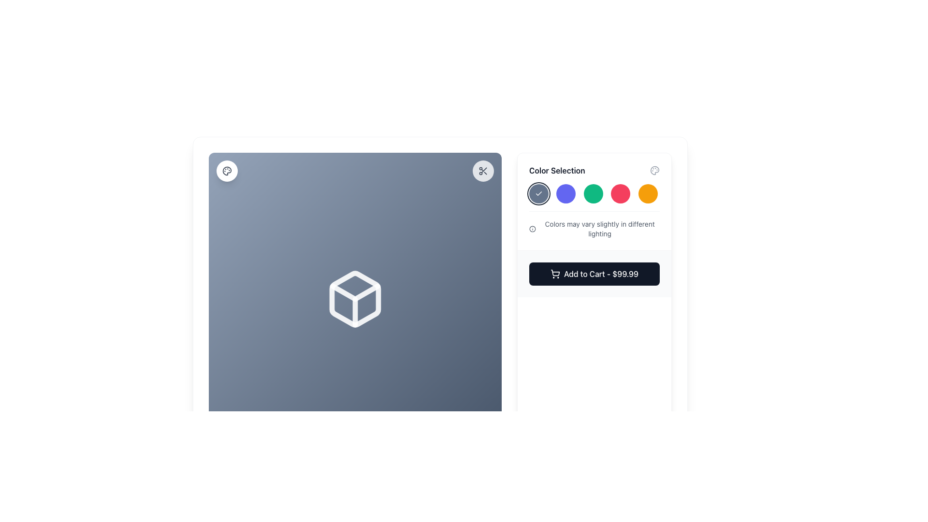 The image size is (928, 522). What do you see at coordinates (557, 170) in the screenshot?
I see `text of the label that says 'Color Selection', which is located at the top-left corner of the color selection section, adjacent to a large square preview area` at bounding box center [557, 170].